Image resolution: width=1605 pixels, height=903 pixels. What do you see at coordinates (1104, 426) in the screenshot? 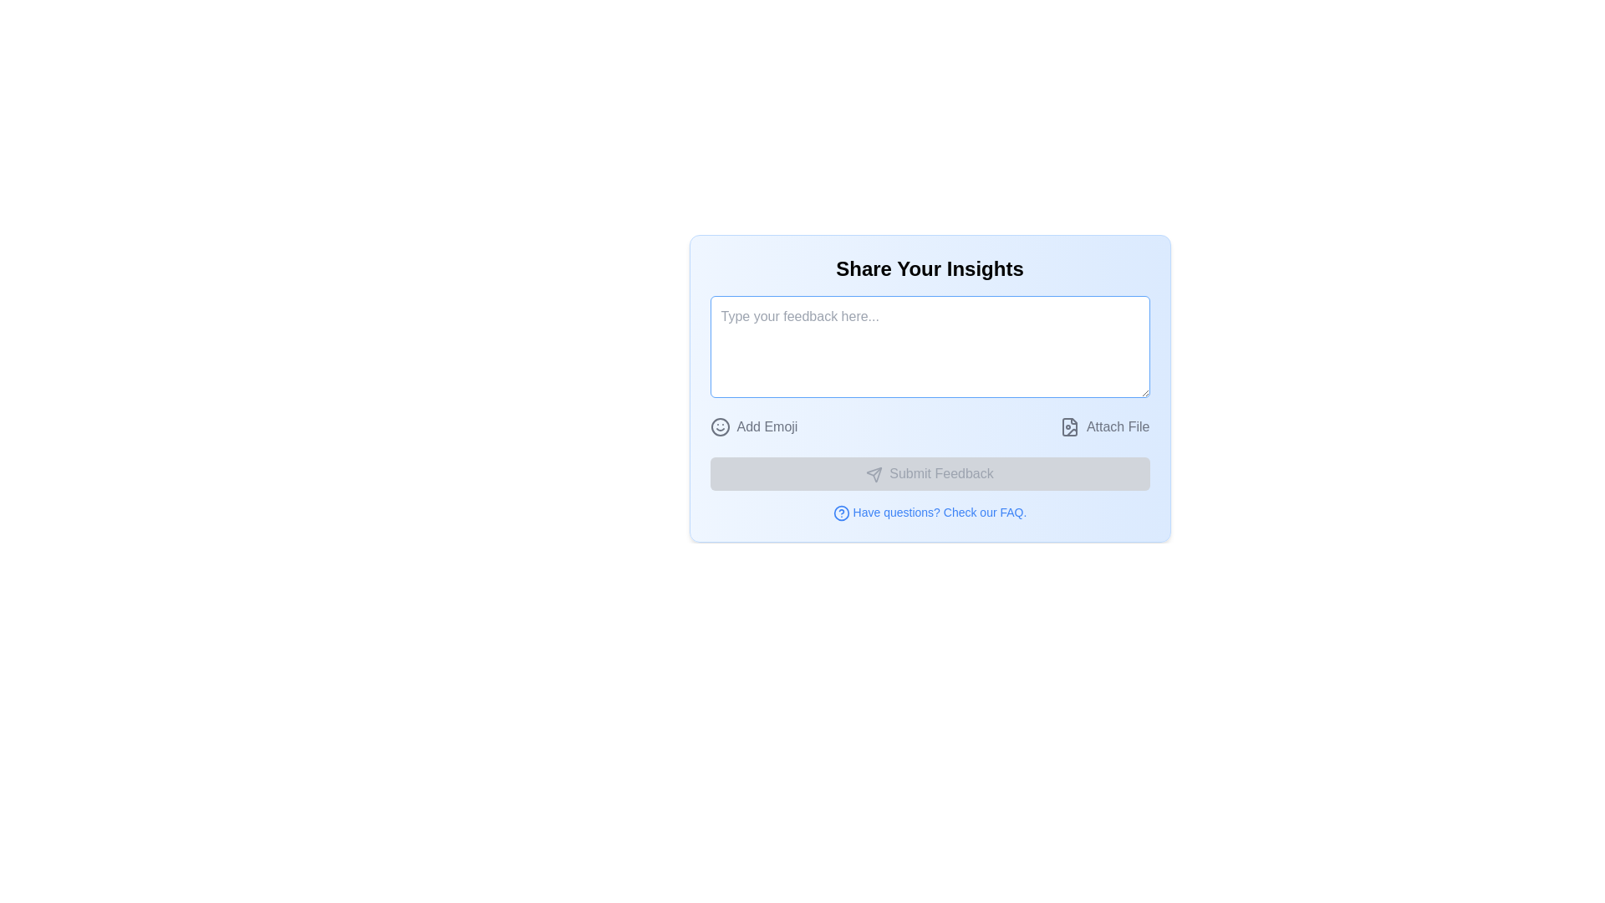
I see `the 'Attach File' button, which features a file icon and text styled in gray` at bounding box center [1104, 426].